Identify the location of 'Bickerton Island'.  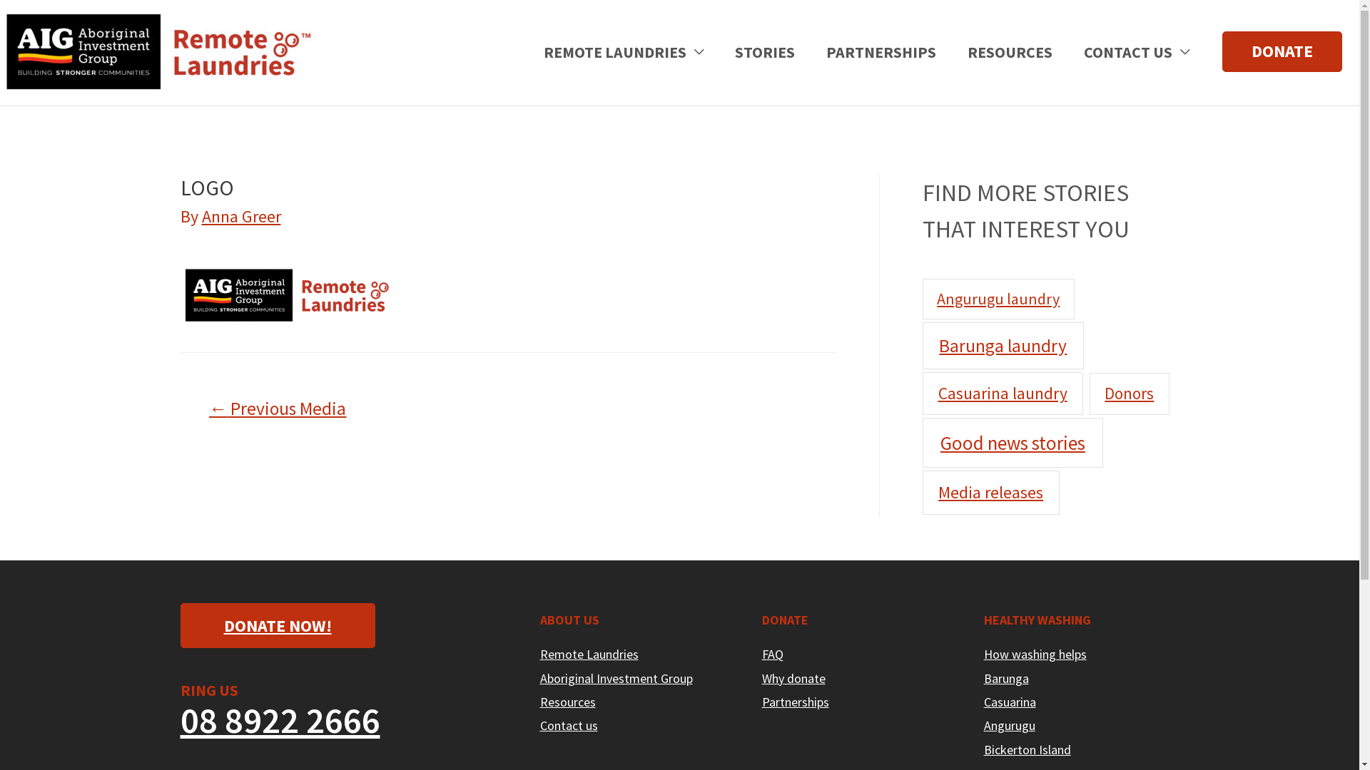
(1027, 749).